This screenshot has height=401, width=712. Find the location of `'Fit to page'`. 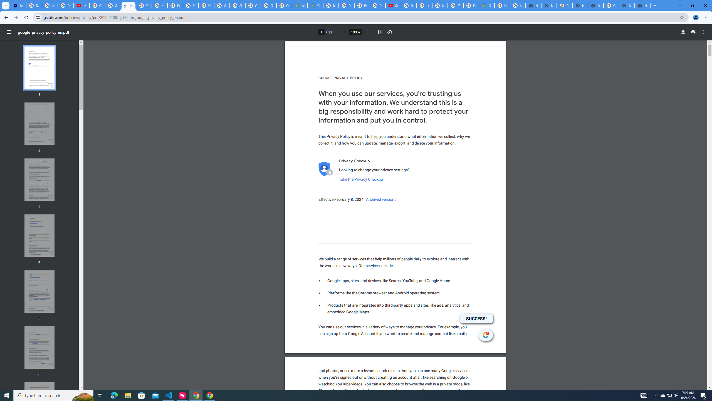

'Fit to page' is located at coordinates (380, 32).